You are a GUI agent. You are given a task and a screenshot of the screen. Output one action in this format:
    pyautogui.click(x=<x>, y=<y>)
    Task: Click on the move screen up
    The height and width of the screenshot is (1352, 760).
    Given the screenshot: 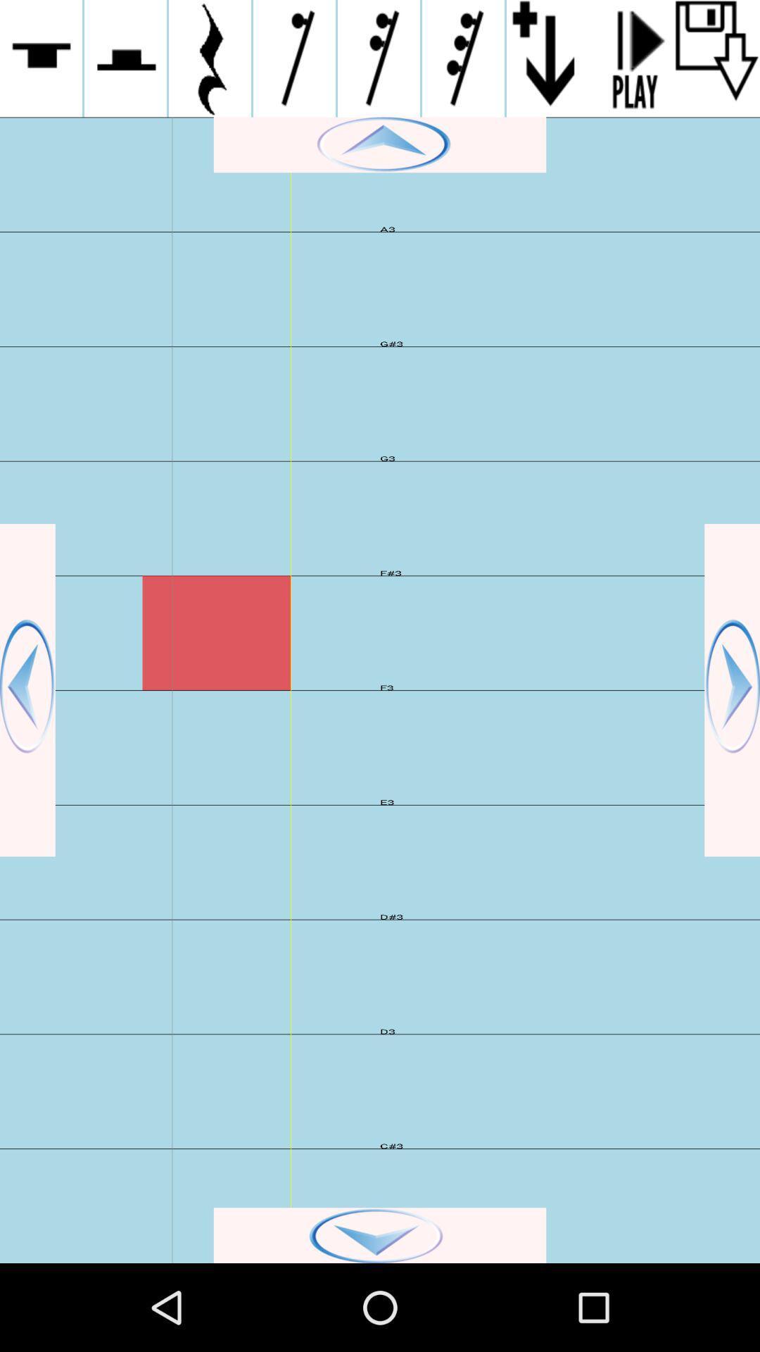 What is the action you would take?
    pyautogui.click(x=380, y=144)
    